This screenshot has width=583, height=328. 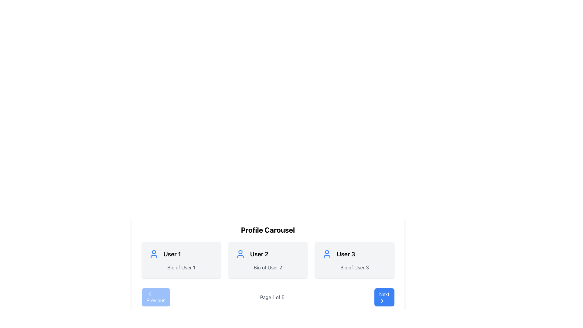 What do you see at coordinates (327, 252) in the screenshot?
I see `the circular graphical component within the user icon representing User 3's profile, which is positioned near the top of the icon` at bounding box center [327, 252].